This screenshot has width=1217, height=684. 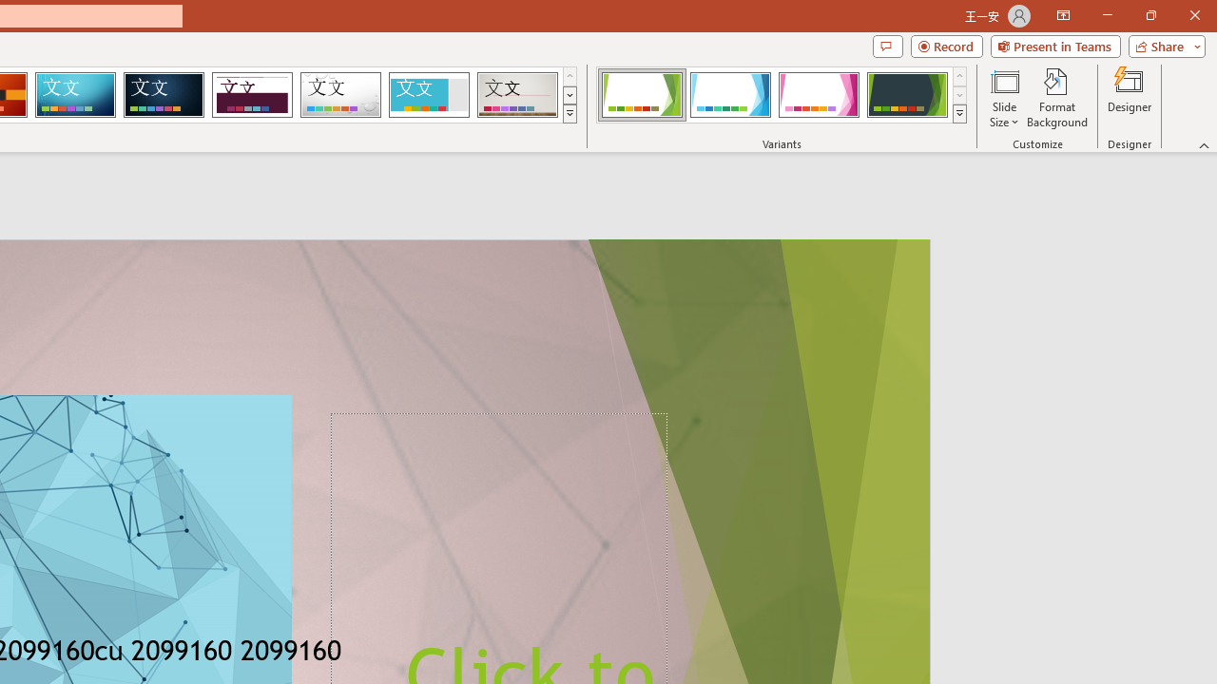 What do you see at coordinates (782, 95) in the screenshot?
I see `'AutomationID: ThemeVariantsGallery'` at bounding box center [782, 95].